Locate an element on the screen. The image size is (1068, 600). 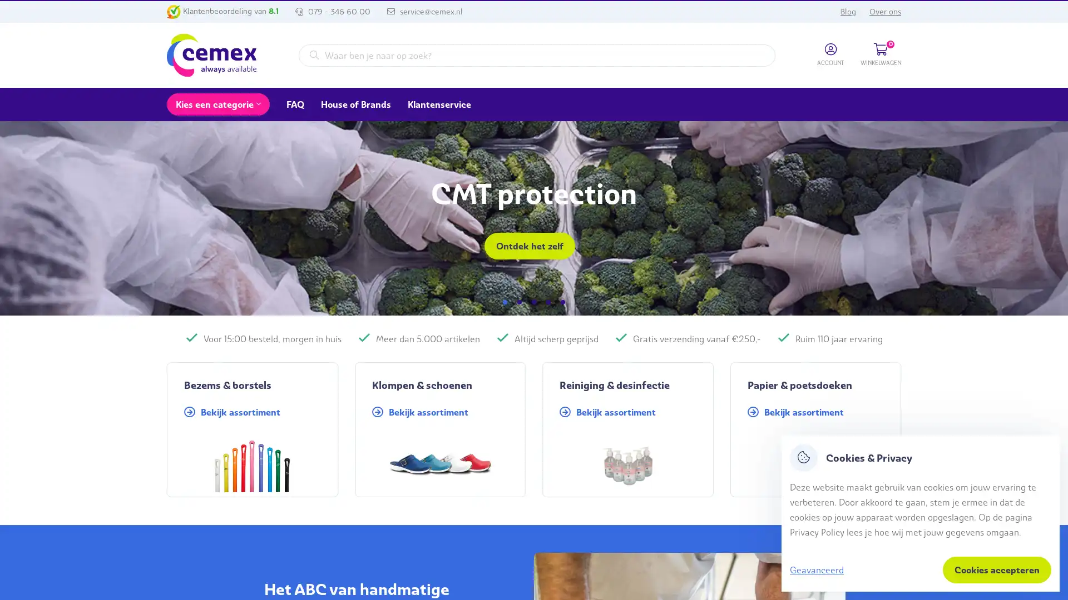
Cookies accepteren is located at coordinates (997, 570).